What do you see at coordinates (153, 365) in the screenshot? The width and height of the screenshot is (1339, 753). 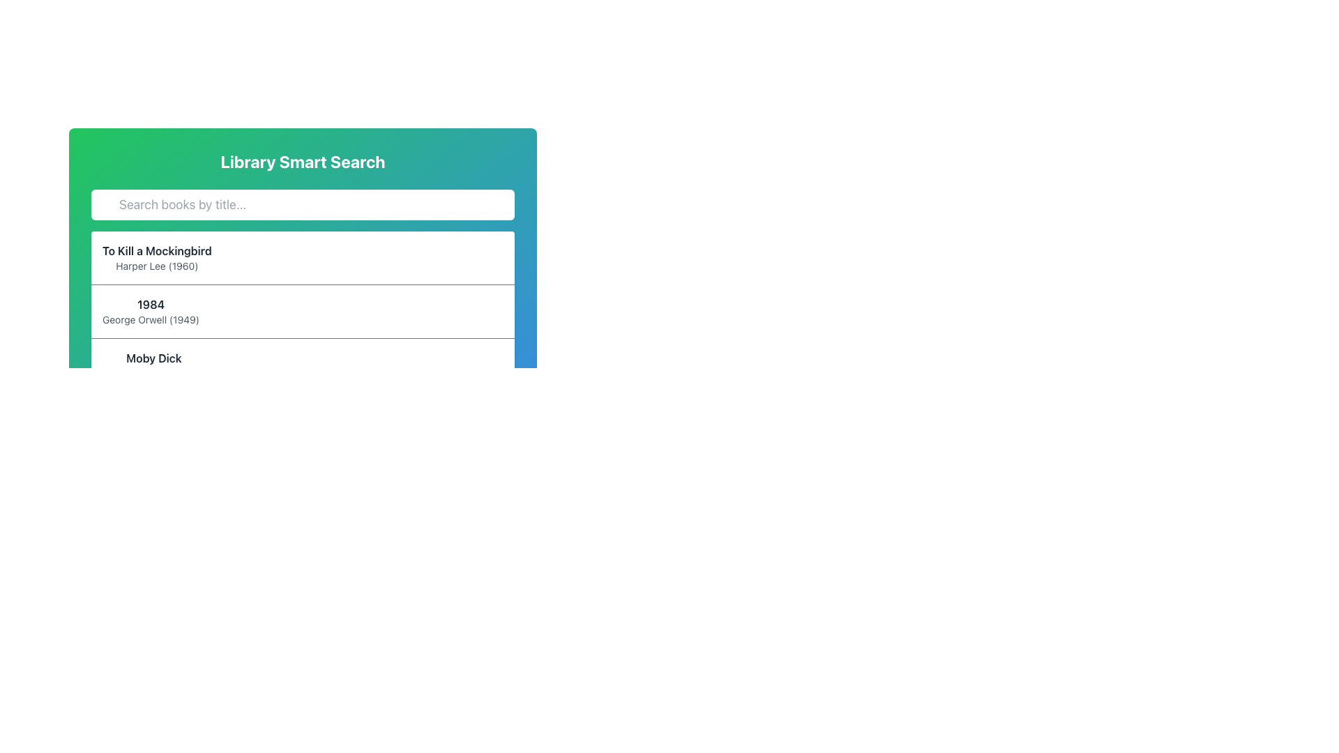 I see `the Text label displaying 'Moby Dick' by Herman Melville, which is the third item in the vertical list under the 'Library Smart Search' bar` at bounding box center [153, 365].